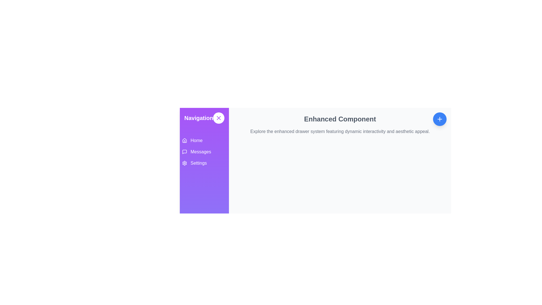 This screenshot has height=305, width=542. I want to click on the graphical house icon representing the 'Home' option in the vertical navigation bar, so click(184, 140).